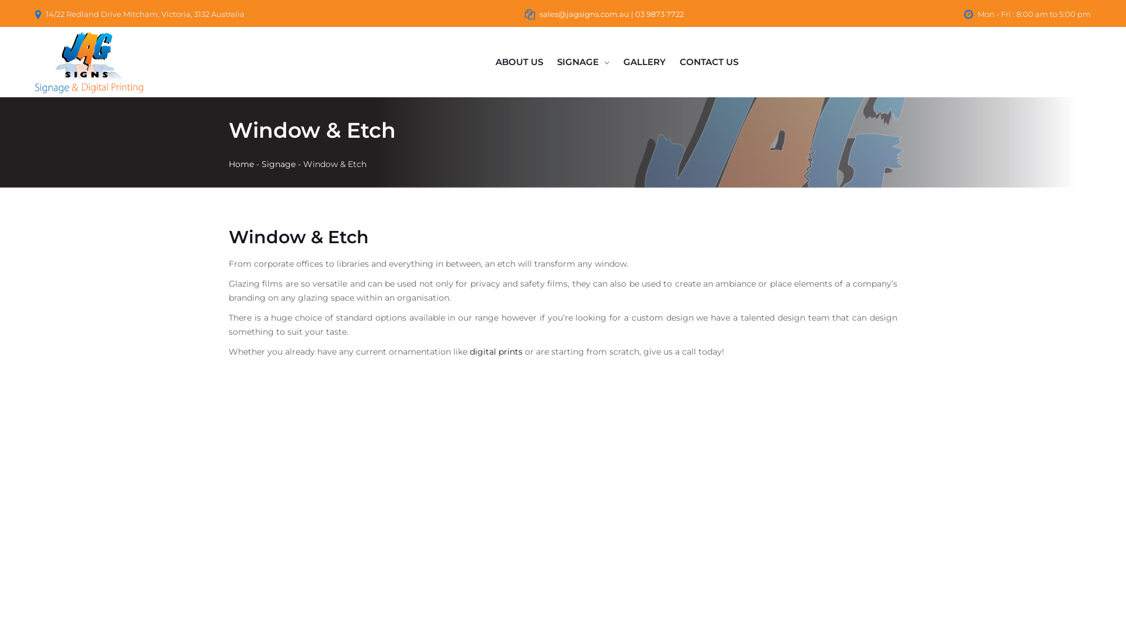  What do you see at coordinates (470, 351) in the screenshot?
I see `'digital prints'` at bounding box center [470, 351].